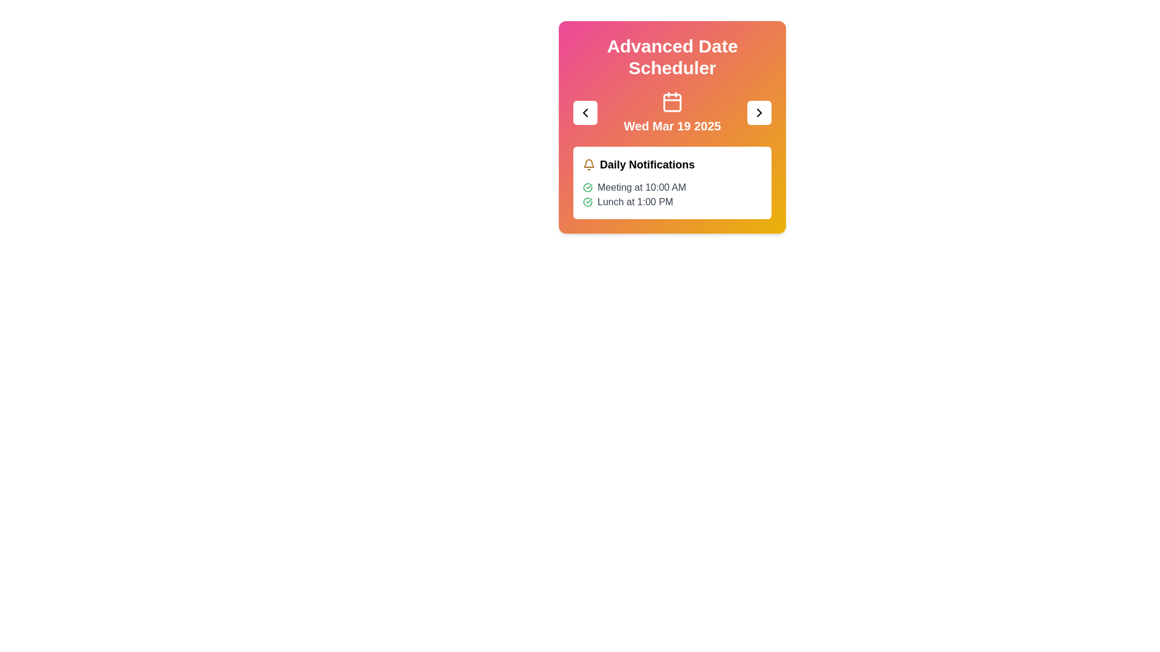 Image resolution: width=1160 pixels, height=652 pixels. What do you see at coordinates (672, 112) in the screenshot?
I see `the informational display element that features a white calendar icon and a bold text label reading 'Wed Mar 19 2025'` at bounding box center [672, 112].